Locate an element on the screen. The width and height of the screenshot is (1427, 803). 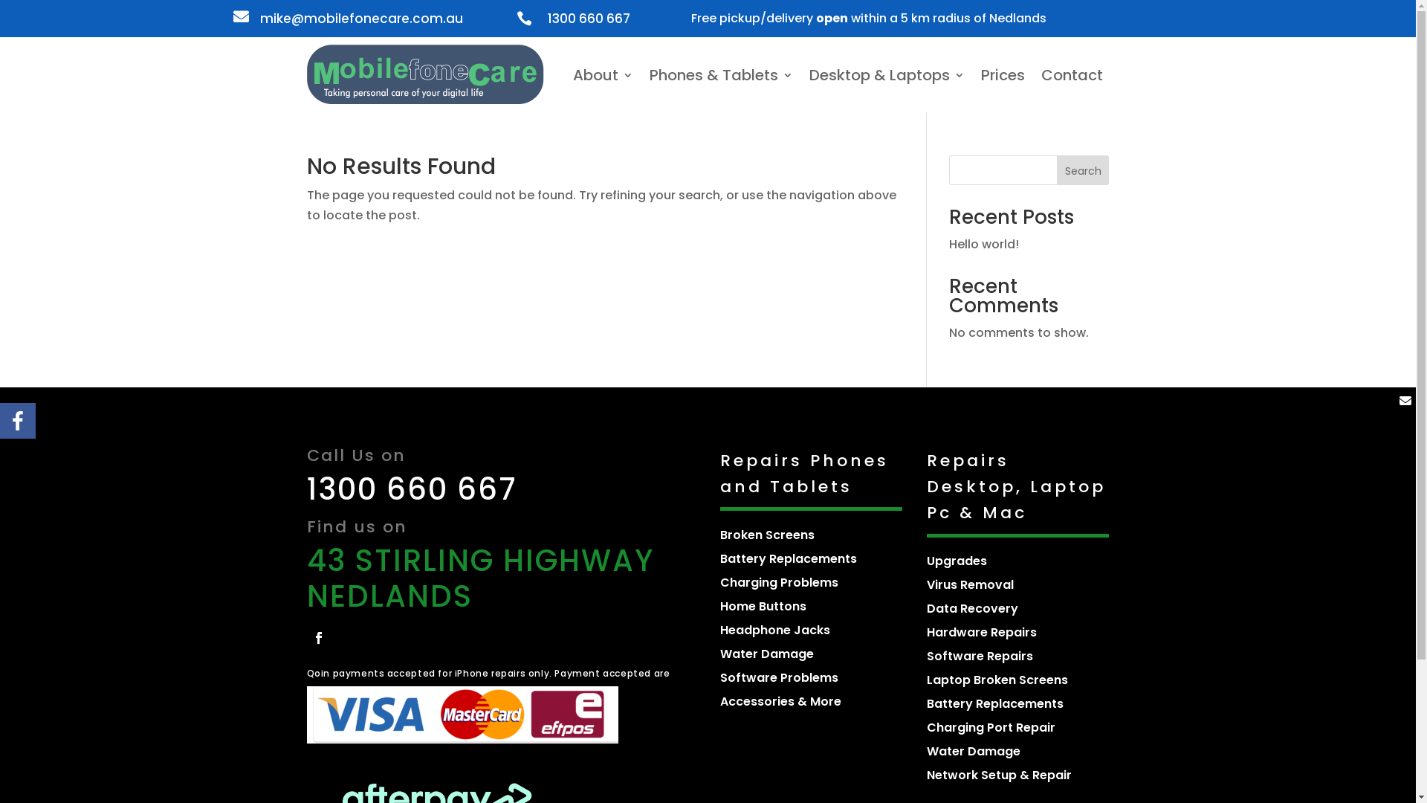
'Network Setup & Repair' is located at coordinates (999, 774).